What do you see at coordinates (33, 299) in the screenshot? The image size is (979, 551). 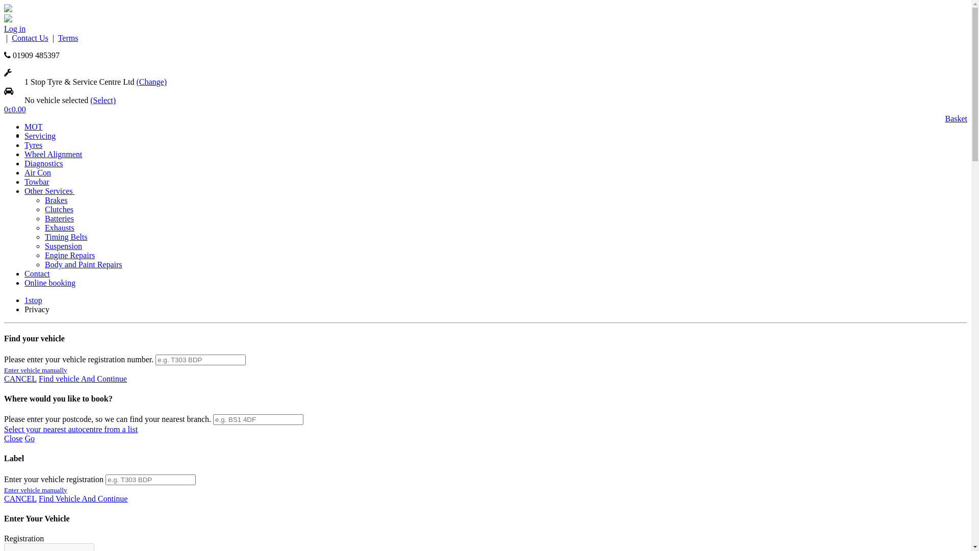 I see `'1stop'` at bounding box center [33, 299].